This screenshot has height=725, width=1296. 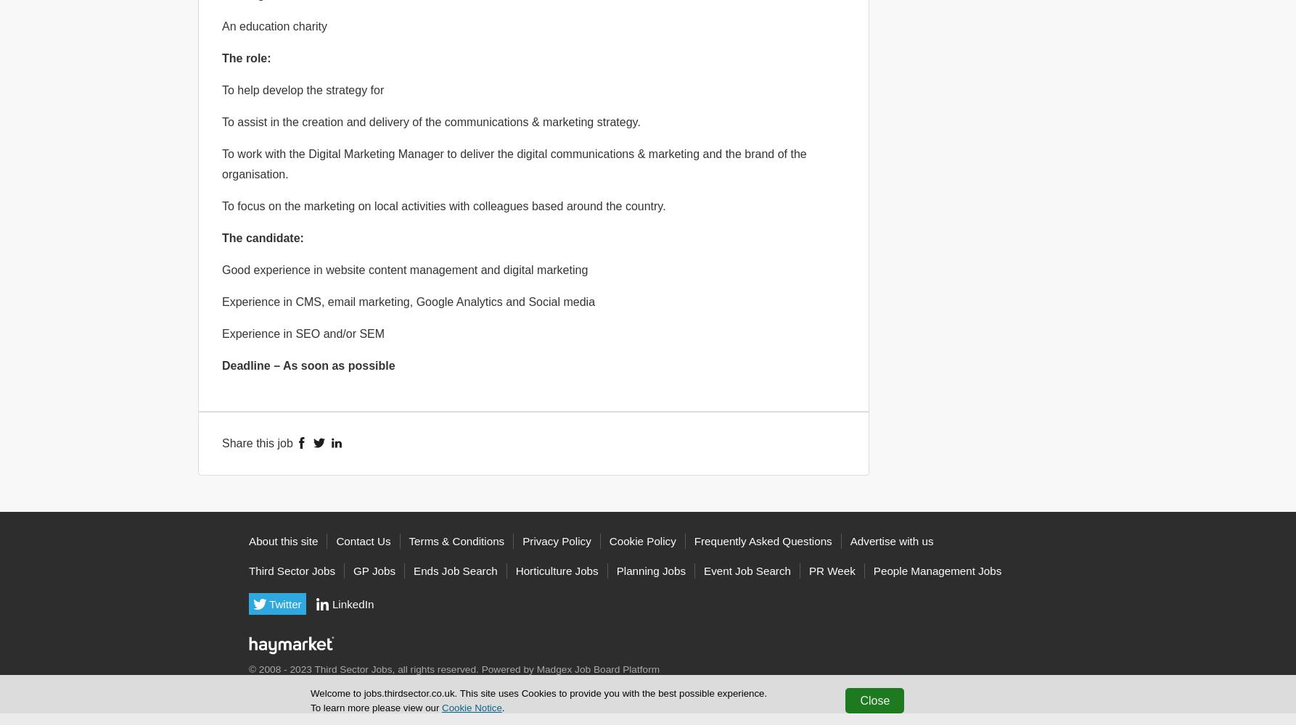 What do you see at coordinates (471, 707) in the screenshot?
I see `'Cookie Notice'` at bounding box center [471, 707].